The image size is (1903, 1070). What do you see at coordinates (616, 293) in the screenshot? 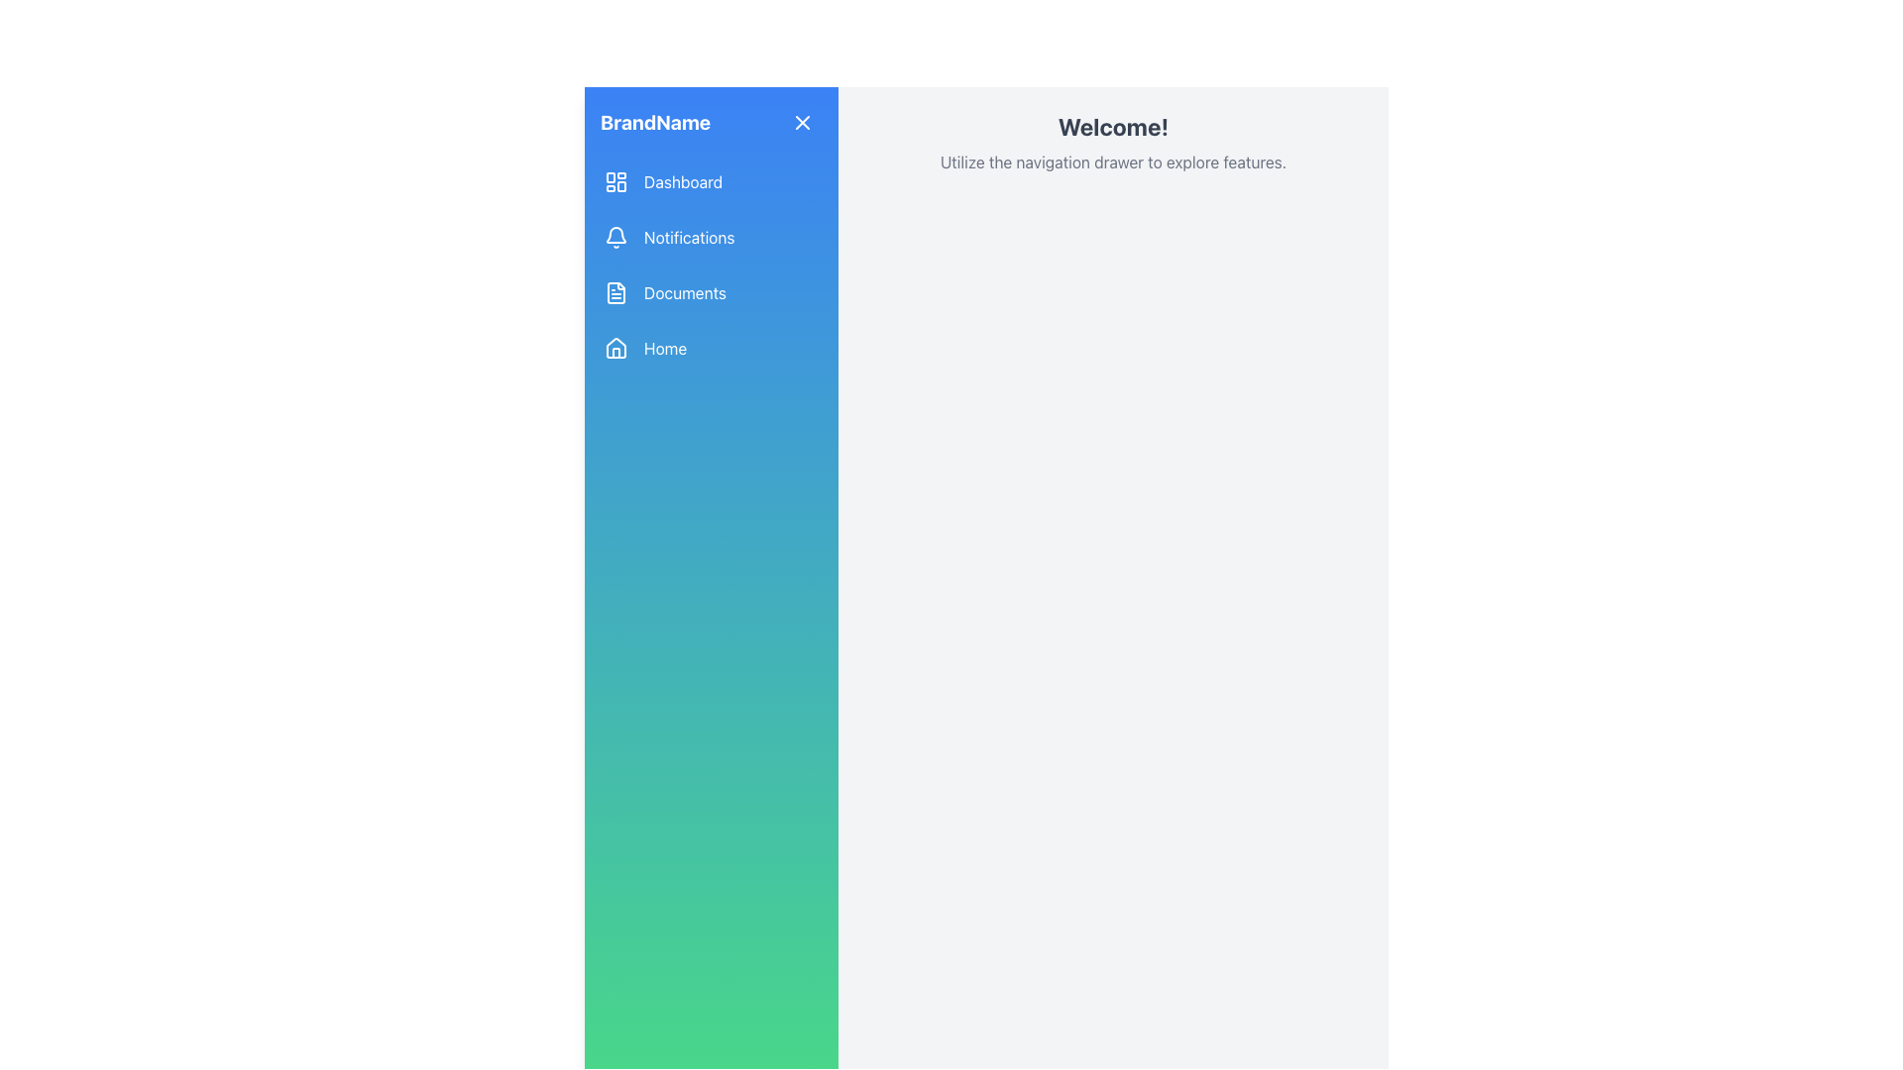
I see `the 'Documents' icon in the navigation menu, which is located to the left of the text 'Documents' and is the third icon in the vertical list` at bounding box center [616, 293].